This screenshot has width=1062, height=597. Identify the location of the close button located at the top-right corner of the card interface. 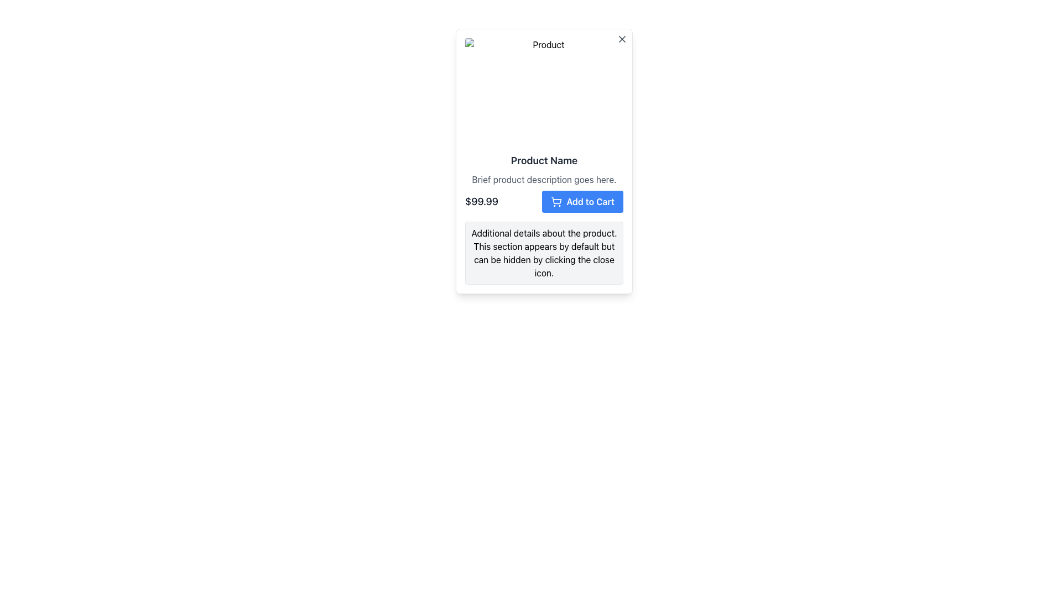
(622, 40).